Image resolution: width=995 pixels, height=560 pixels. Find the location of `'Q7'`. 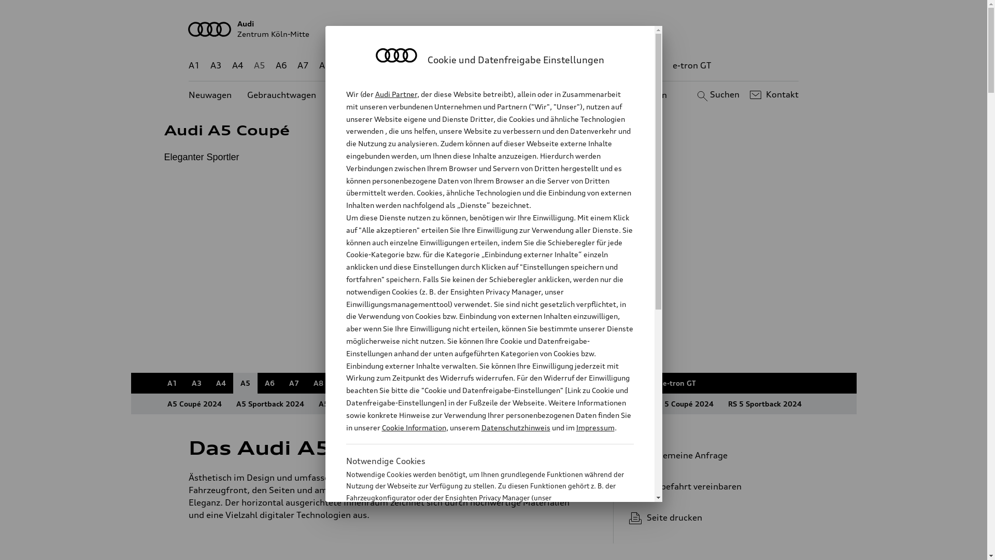

'Q7' is located at coordinates (463, 65).